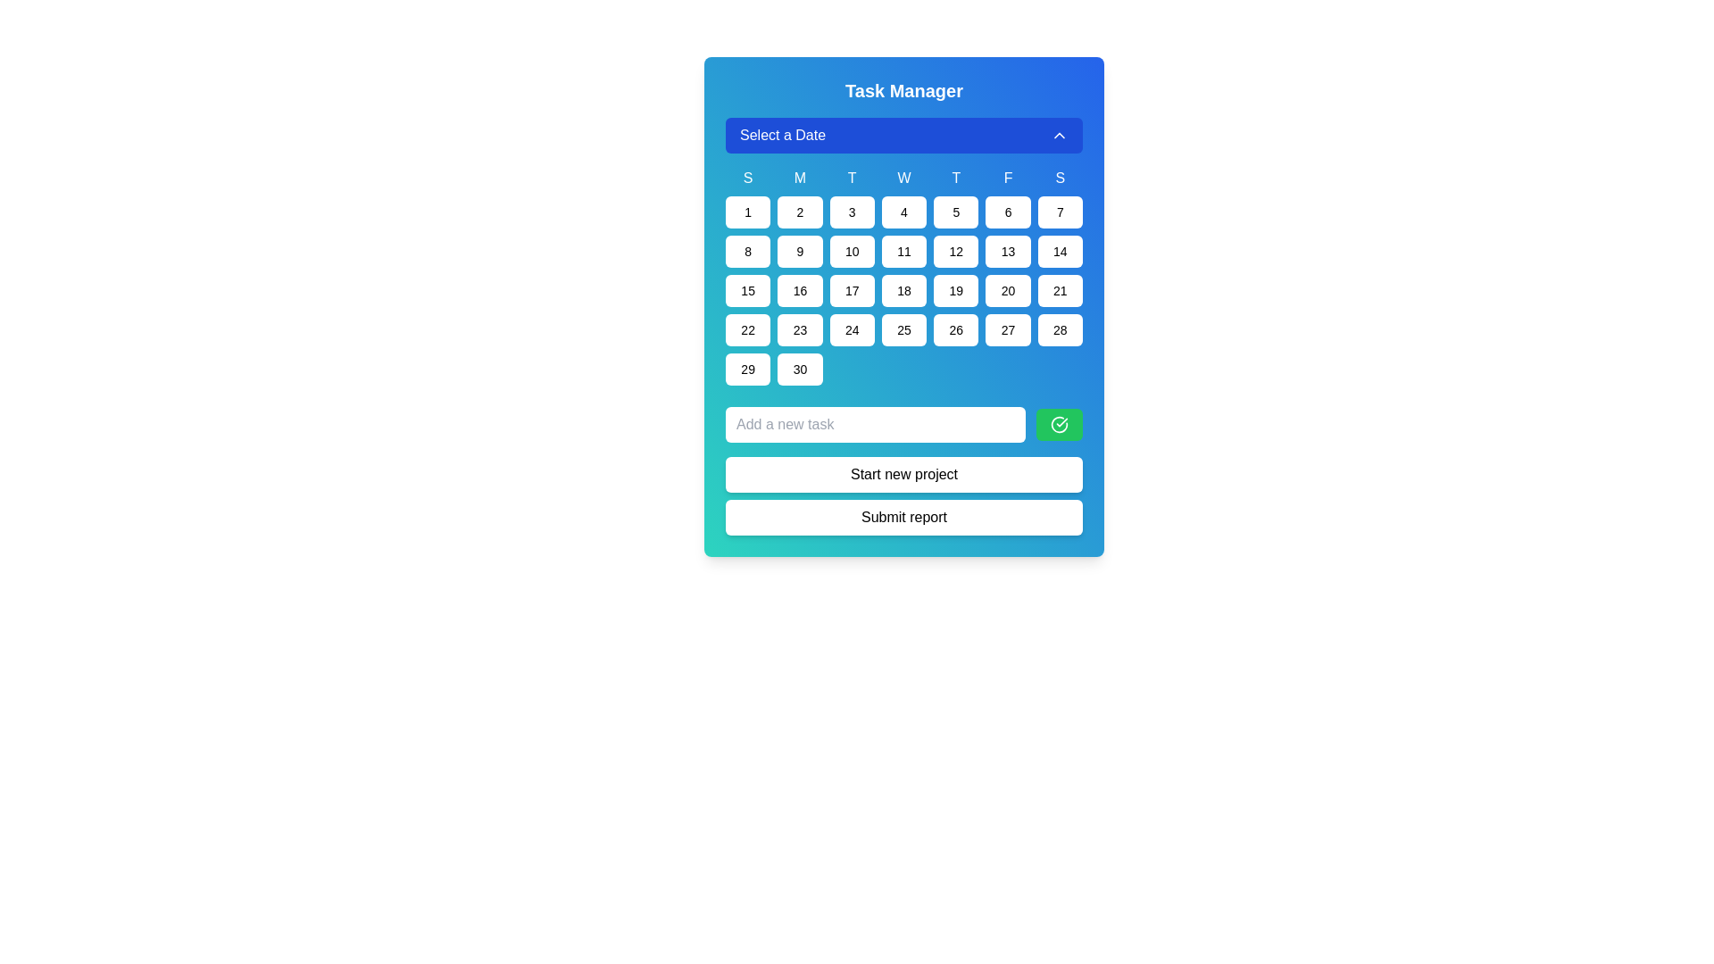  I want to click on the capital 'T' text label in white on a blue gradient background, which is the fifth item in the row of week labels in the calendar section, so click(955, 179).